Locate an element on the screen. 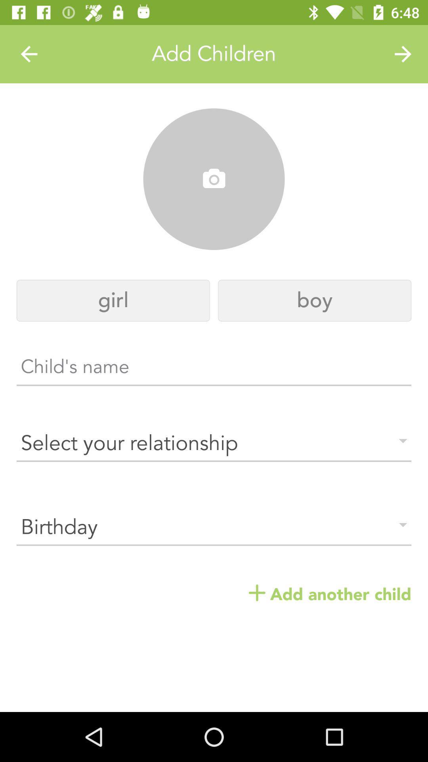  the arrow symbol at the top most right corner of the web page is located at coordinates (403, 54).